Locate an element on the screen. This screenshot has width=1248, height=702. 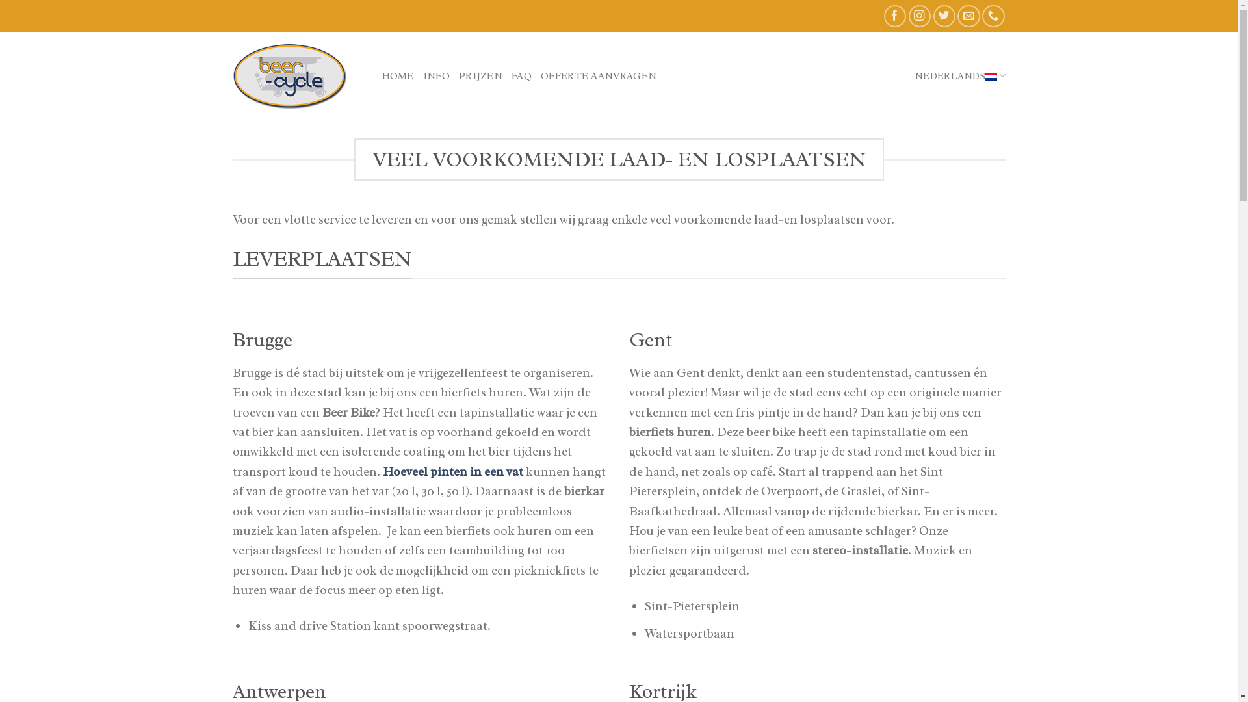
'Stuur ons een e-mail' is located at coordinates (968, 16).